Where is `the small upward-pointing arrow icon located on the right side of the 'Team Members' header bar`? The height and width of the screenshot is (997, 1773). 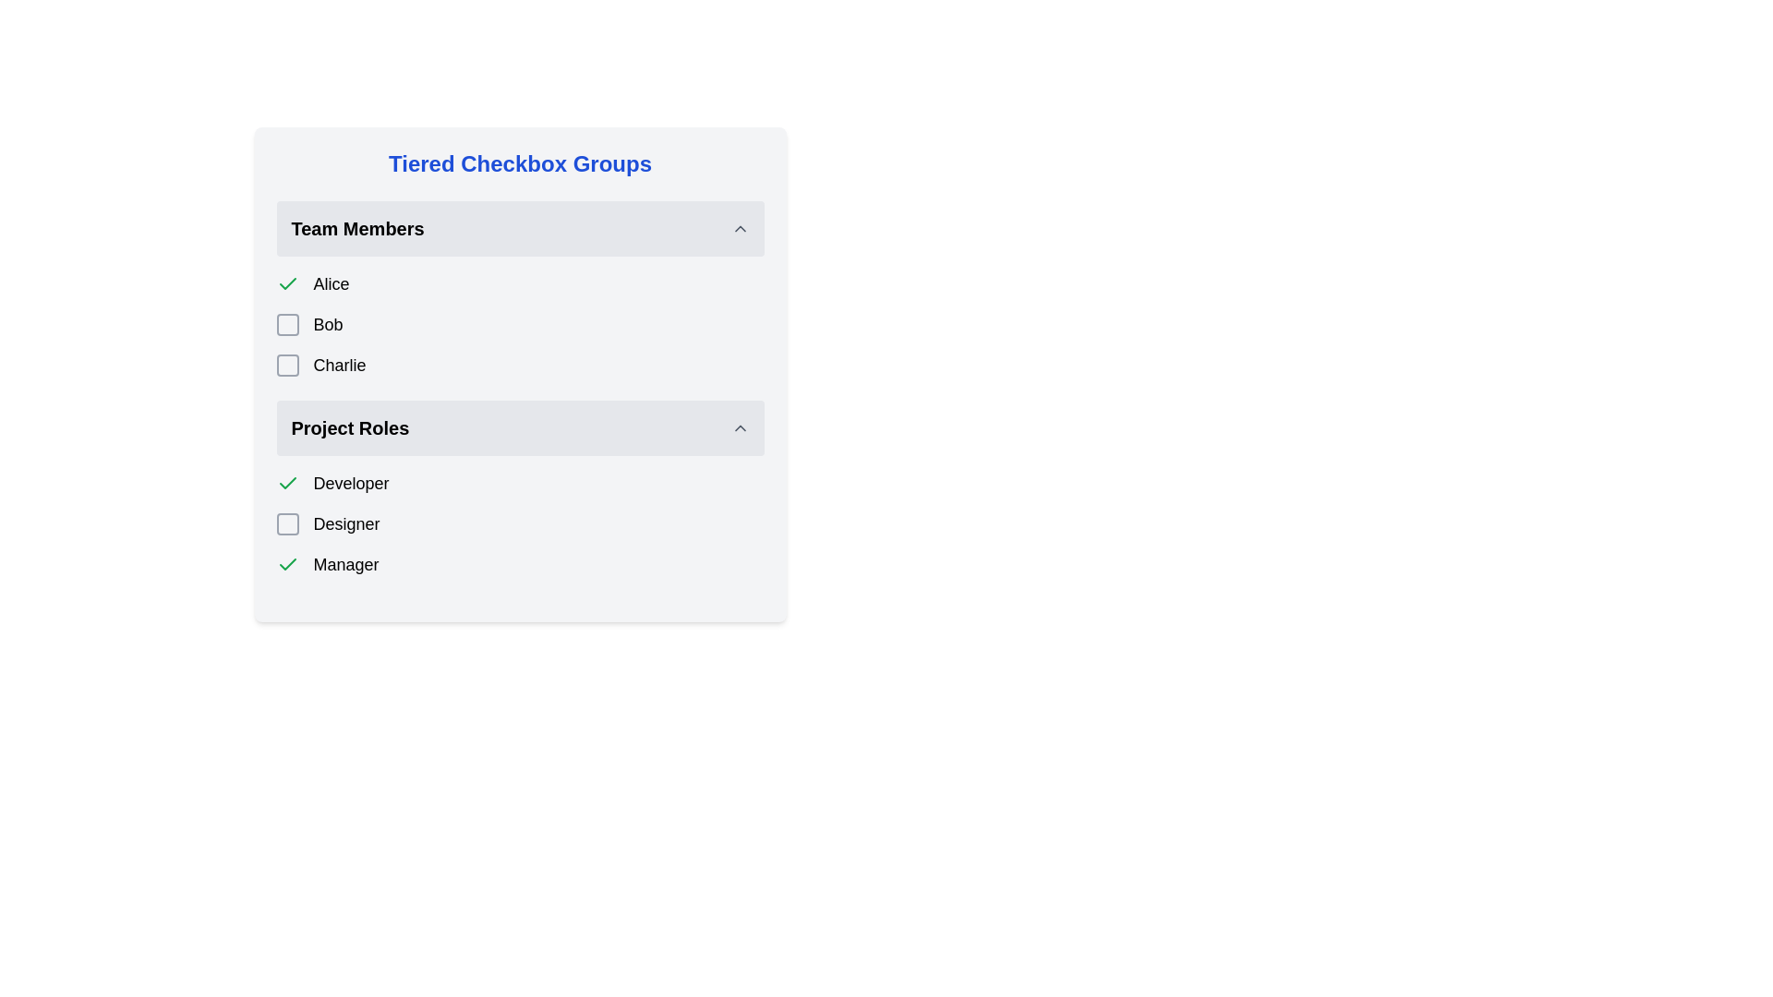 the small upward-pointing arrow icon located on the right side of the 'Team Members' header bar is located at coordinates (740, 227).